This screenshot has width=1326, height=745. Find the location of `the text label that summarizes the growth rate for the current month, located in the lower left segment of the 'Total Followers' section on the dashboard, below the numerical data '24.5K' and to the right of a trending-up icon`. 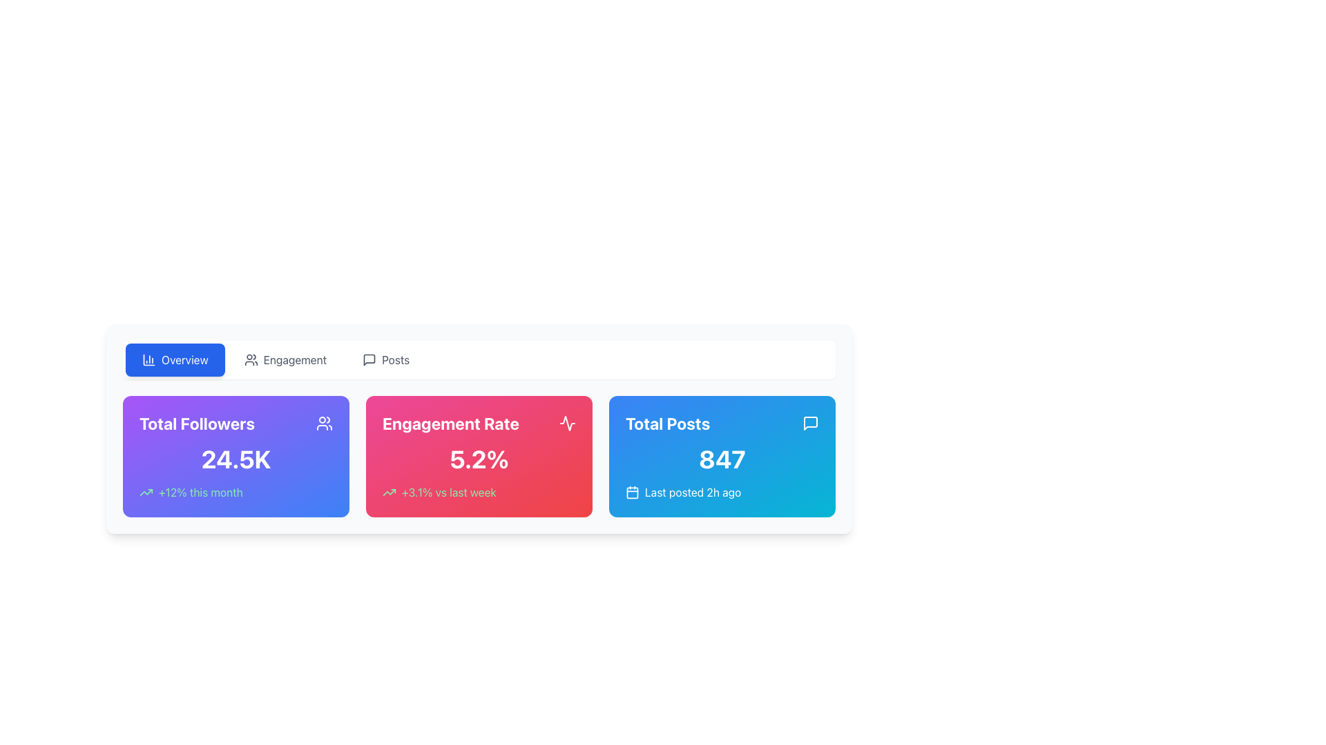

the text label that summarizes the growth rate for the current month, located in the lower left segment of the 'Total Followers' section on the dashboard, below the numerical data '24.5K' and to the right of a trending-up icon is located at coordinates (200, 491).